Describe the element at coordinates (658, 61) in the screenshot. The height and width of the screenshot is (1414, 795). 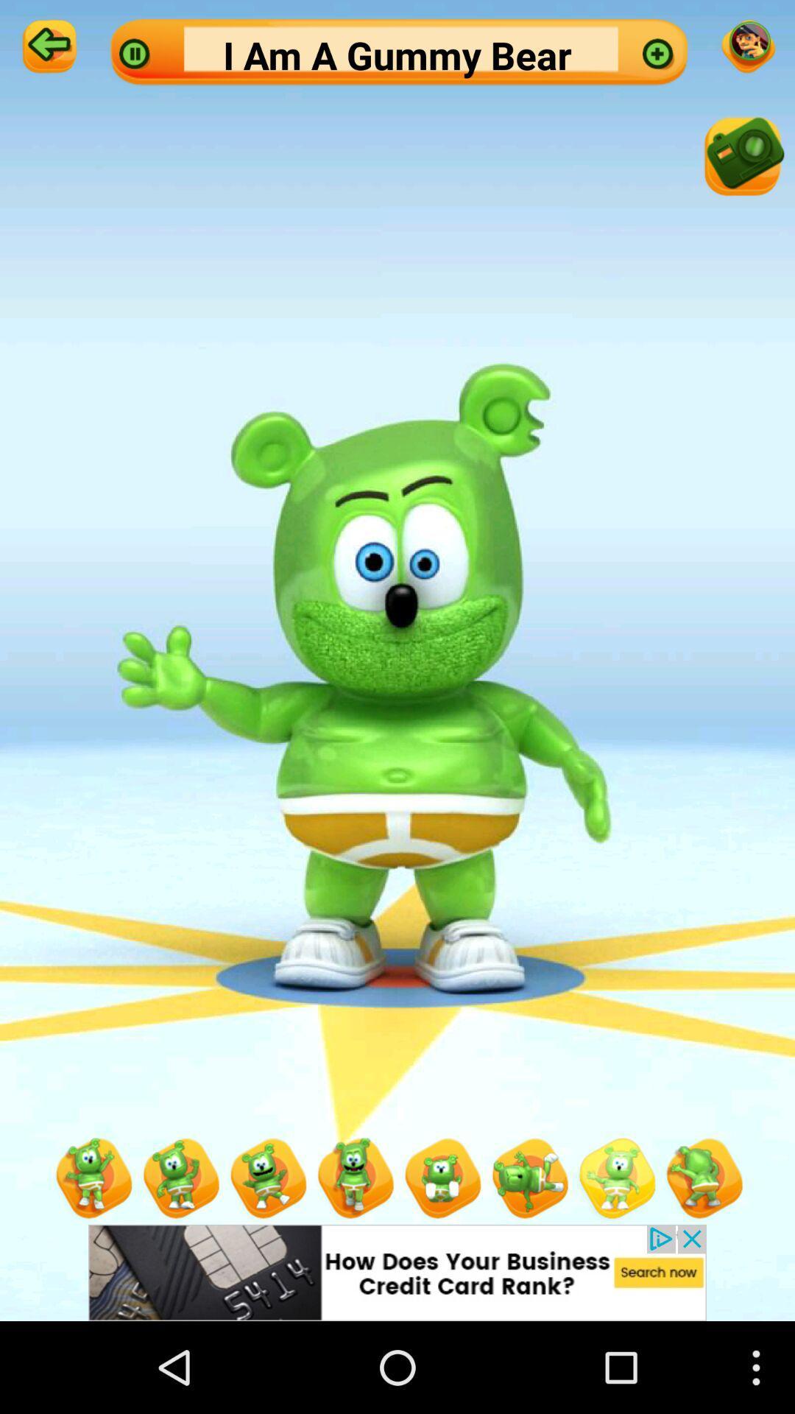
I see `the add icon` at that location.